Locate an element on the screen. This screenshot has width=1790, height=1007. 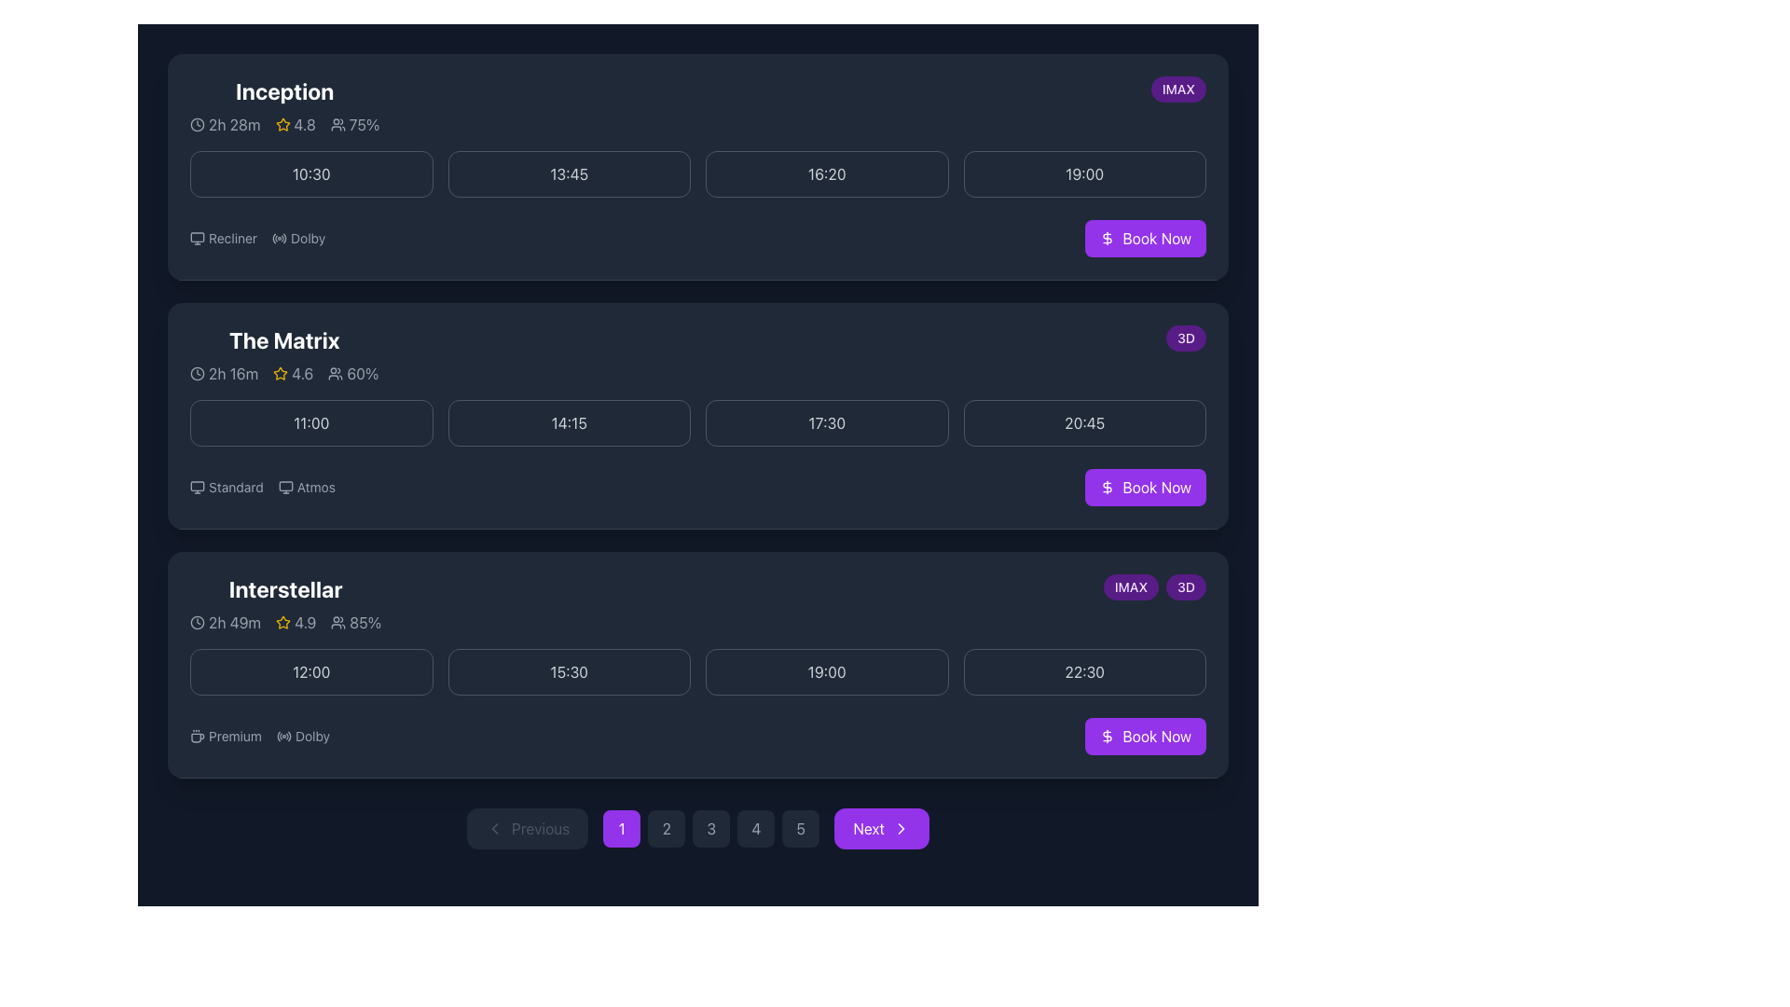
the informational Text label with icons indicating movie format or experience features located at the bottom left of the movie 'Interstellar' details block, positioned below the timing options and above pagination controls is located at coordinates (258, 736).